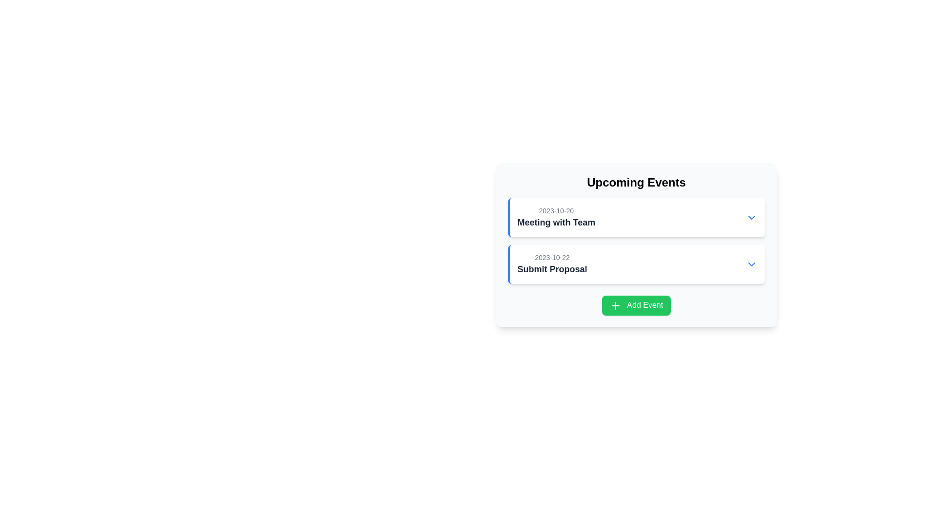 This screenshot has height=526, width=936. What do you see at coordinates (636, 217) in the screenshot?
I see `the first Event card in the 'Upcoming Events' panel` at bounding box center [636, 217].